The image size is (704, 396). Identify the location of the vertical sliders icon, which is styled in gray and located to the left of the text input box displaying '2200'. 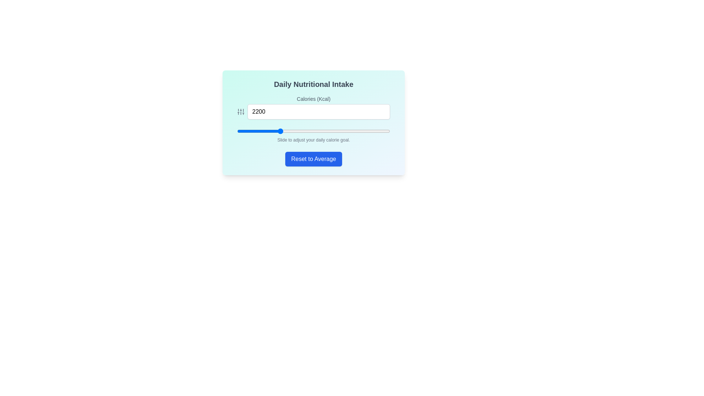
(241, 111).